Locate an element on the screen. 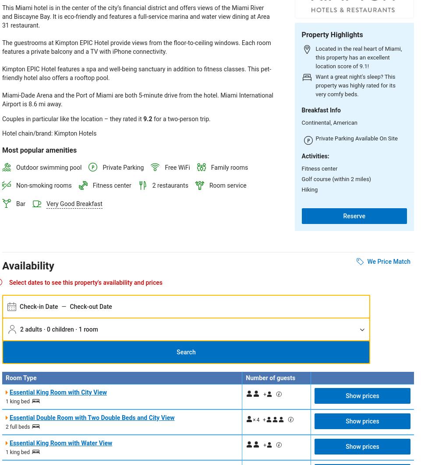 This screenshot has height=465, width=421. 'We Price Match' is located at coordinates (367, 260).